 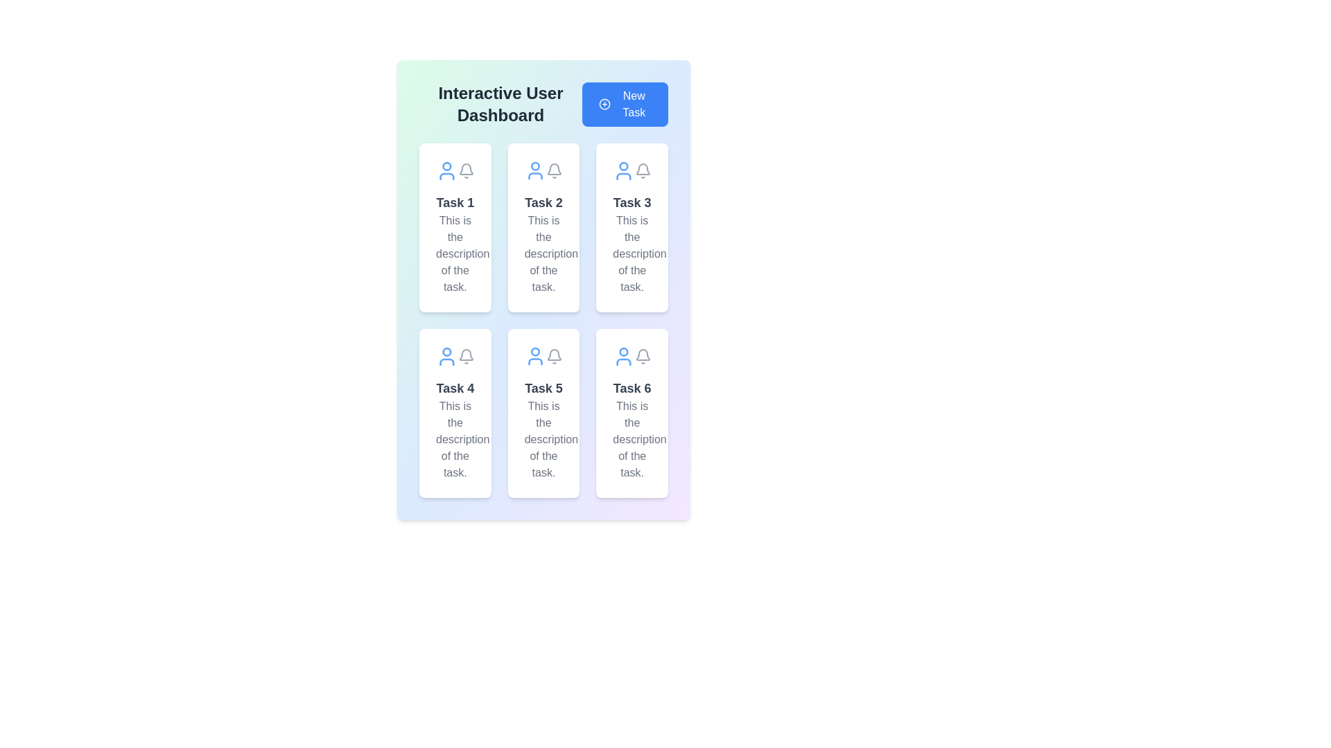 I want to click on the text label that serves as the title for the second task in the grid of task cards, located inside a white card with a blue icon and a gray notification bell icon, so click(x=543, y=203).